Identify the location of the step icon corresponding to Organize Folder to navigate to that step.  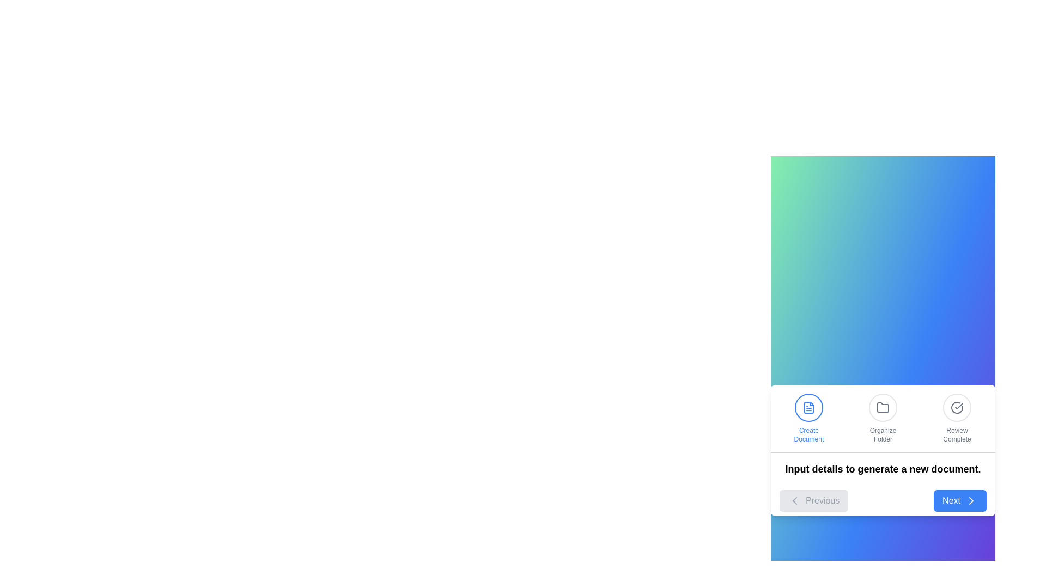
(883, 418).